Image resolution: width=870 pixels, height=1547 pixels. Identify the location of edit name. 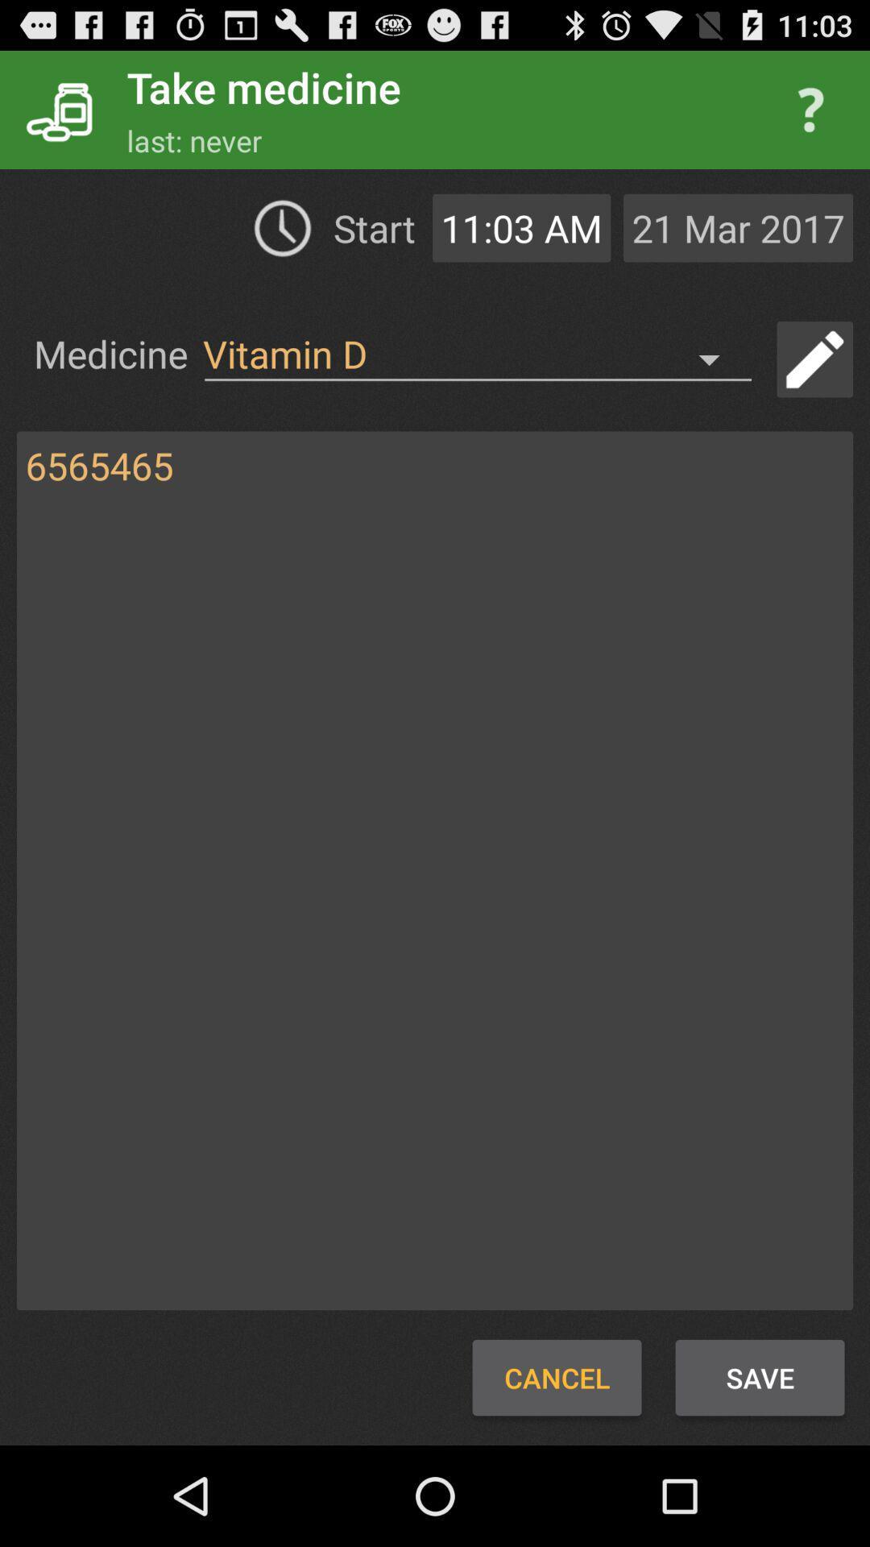
(814, 359).